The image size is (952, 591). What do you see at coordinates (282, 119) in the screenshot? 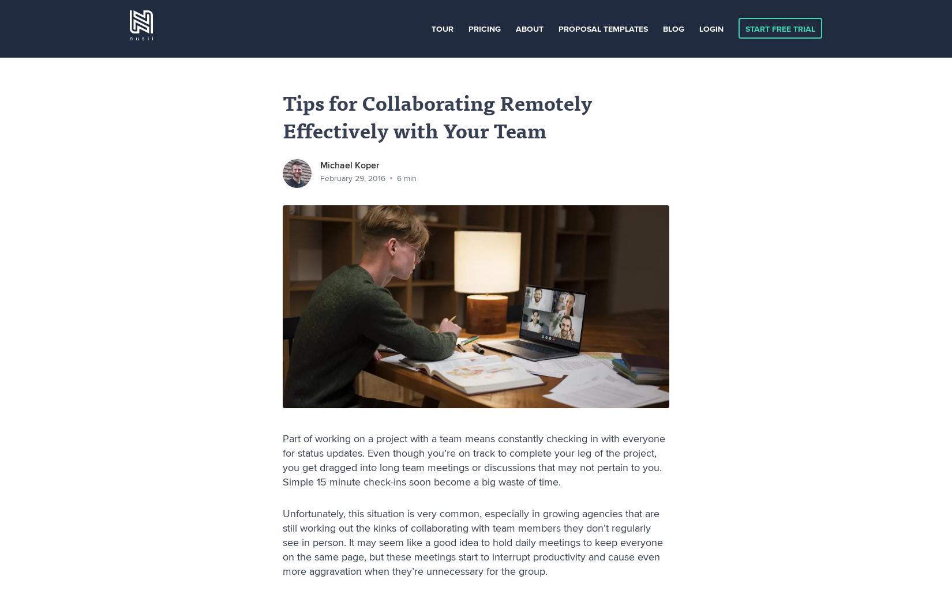
I see `'Tips for Collaborating Remotely Effectively with Your Team'` at bounding box center [282, 119].